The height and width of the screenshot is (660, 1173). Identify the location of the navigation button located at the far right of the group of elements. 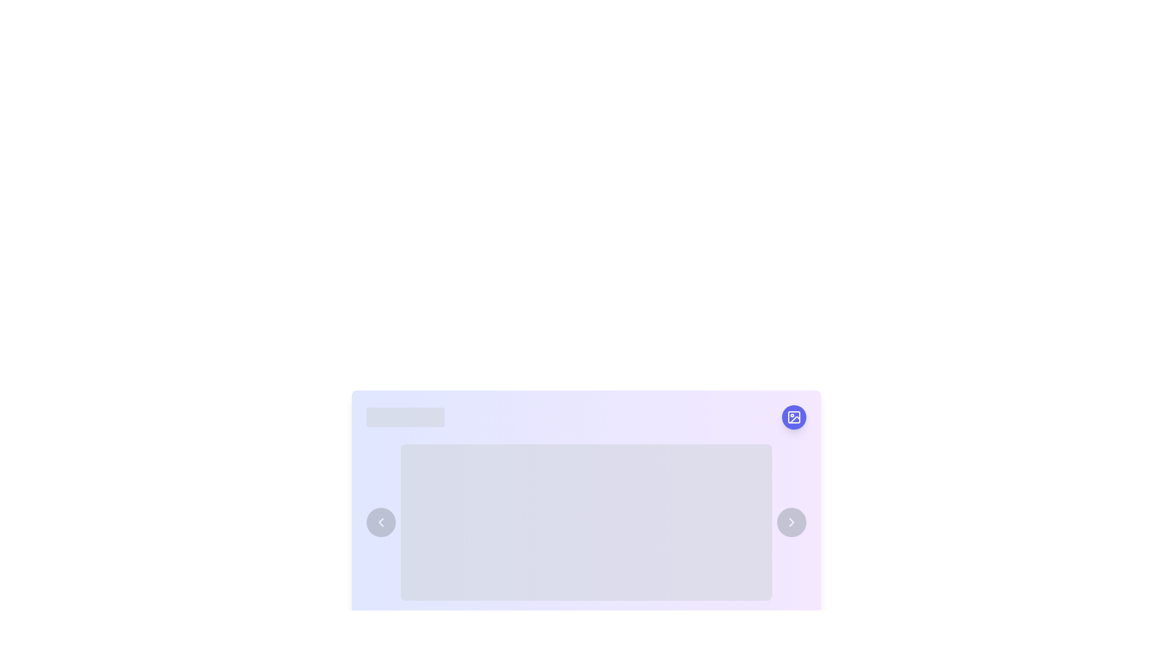
(791, 522).